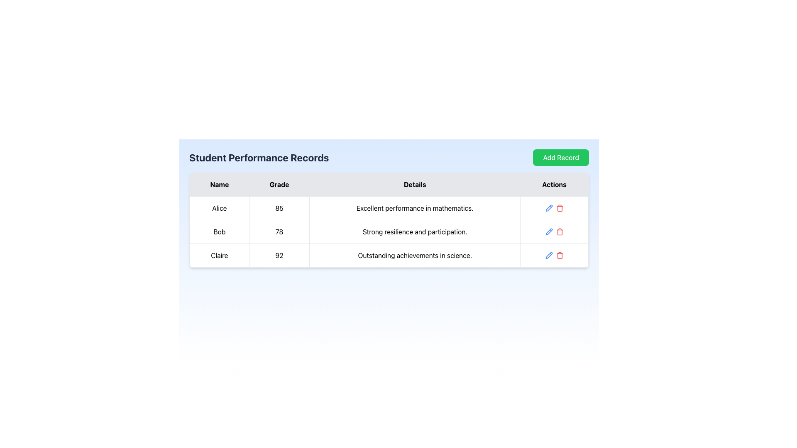 This screenshot has height=448, width=797. I want to click on the delete action icon located in the third row of the table under the 'Actions' column, positioned to the right of the edit pencil icon for user 'Claire', so click(560, 256).